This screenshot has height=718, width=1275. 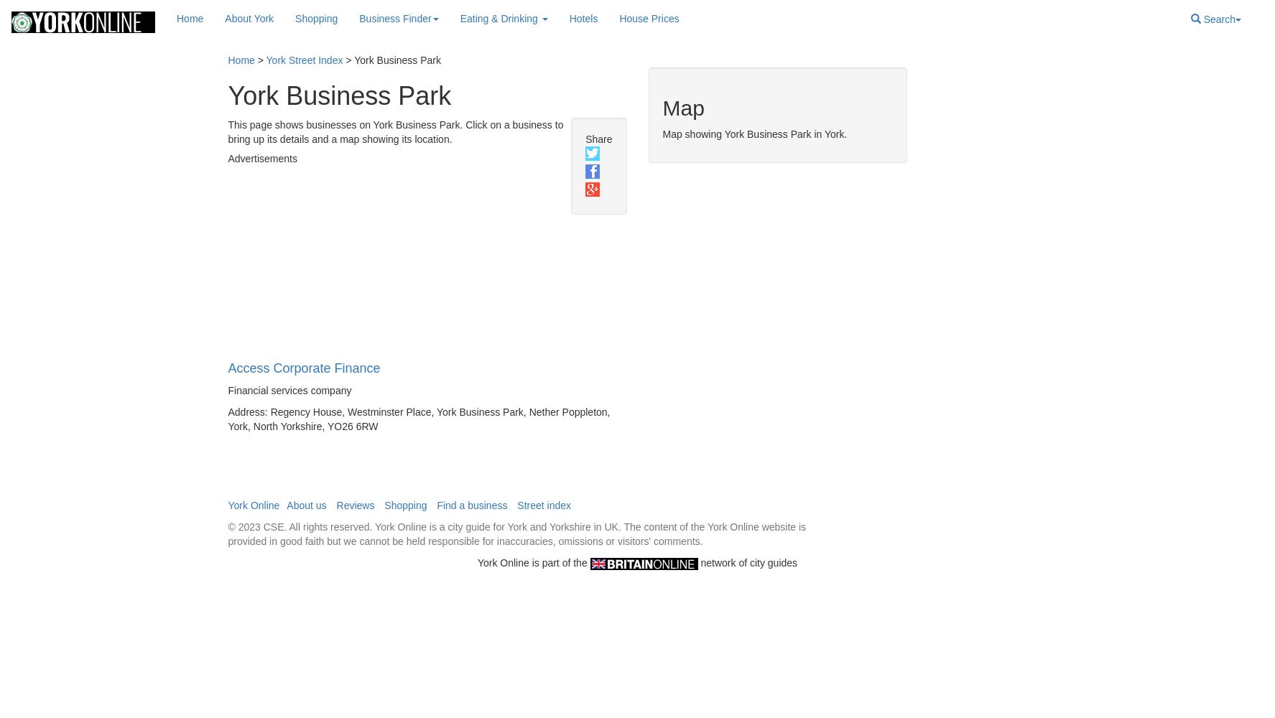 I want to click on 'Share', so click(x=598, y=138).